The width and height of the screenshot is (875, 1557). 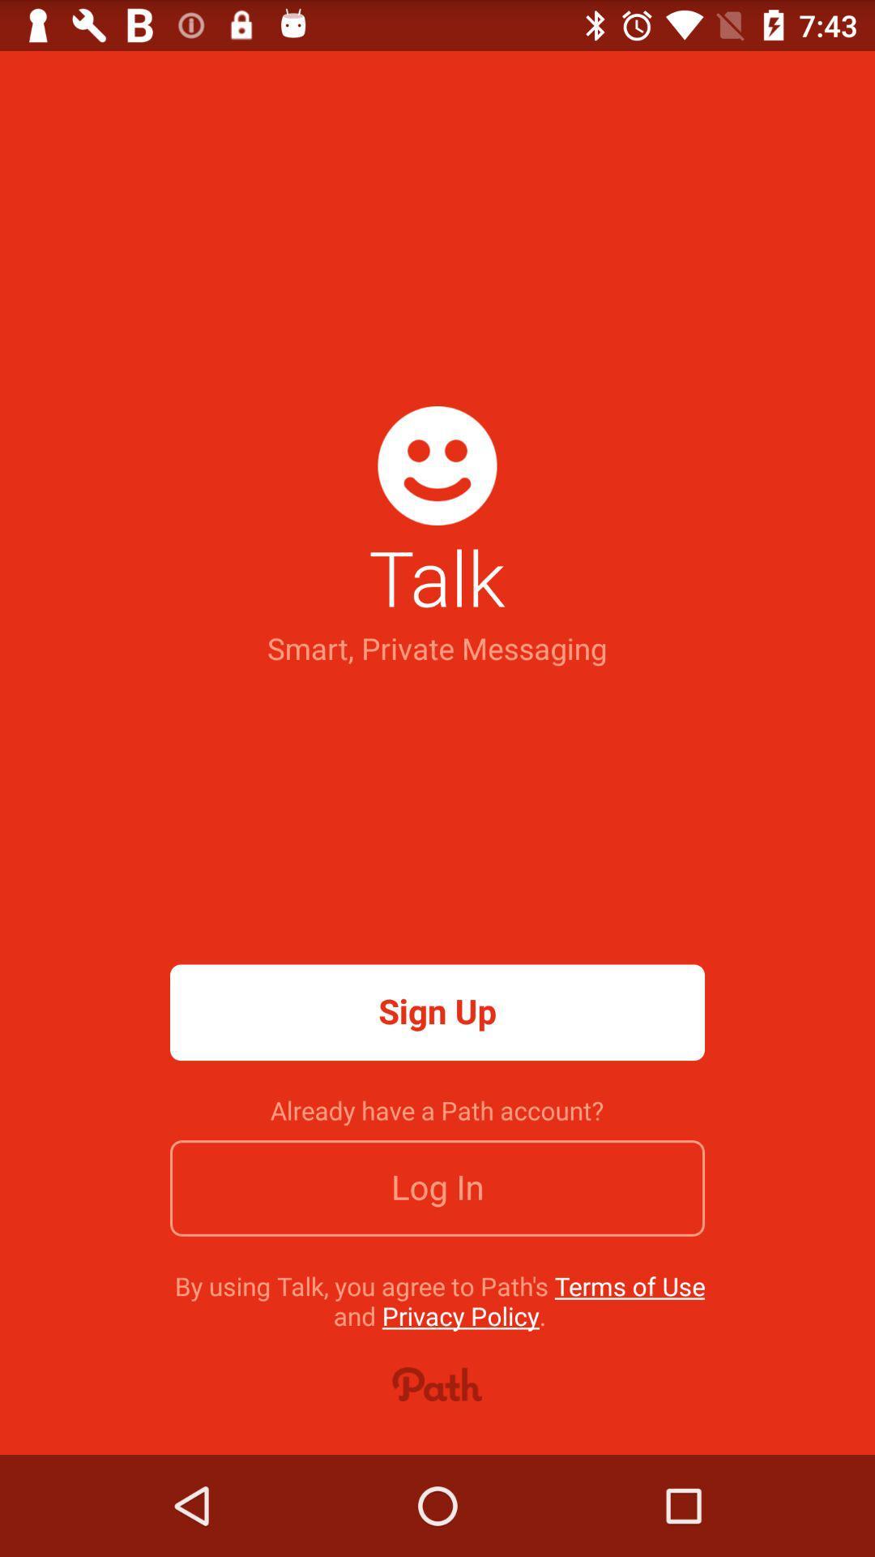 What do you see at coordinates (437, 1188) in the screenshot?
I see `the log in` at bounding box center [437, 1188].